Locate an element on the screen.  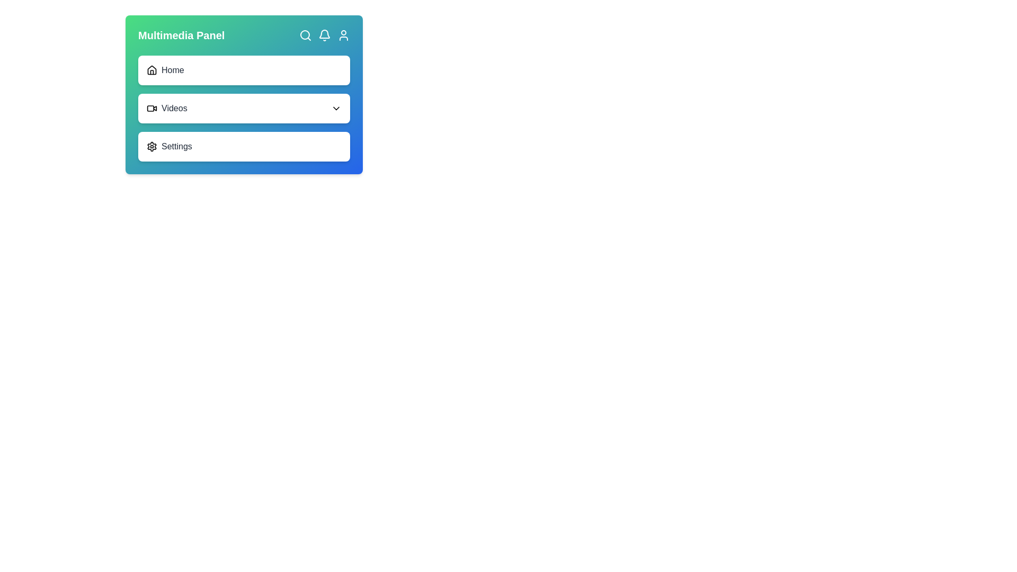
the bell icon button located at the top-right section of the interface is located at coordinates (324, 34).